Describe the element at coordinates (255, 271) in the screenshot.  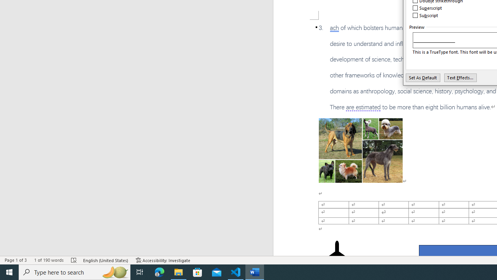
I see `'Word - 1 running window'` at that location.